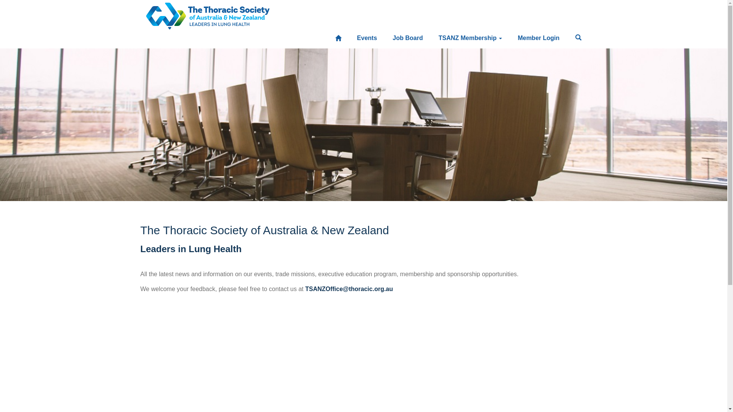 This screenshot has width=733, height=412. Describe the element at coordinates (578, 38) in the screenshot. I see `'Search'` at that location.